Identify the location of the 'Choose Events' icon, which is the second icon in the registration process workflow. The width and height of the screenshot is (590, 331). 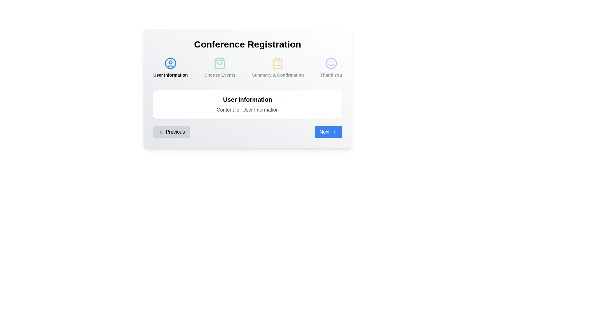
(220, 63).